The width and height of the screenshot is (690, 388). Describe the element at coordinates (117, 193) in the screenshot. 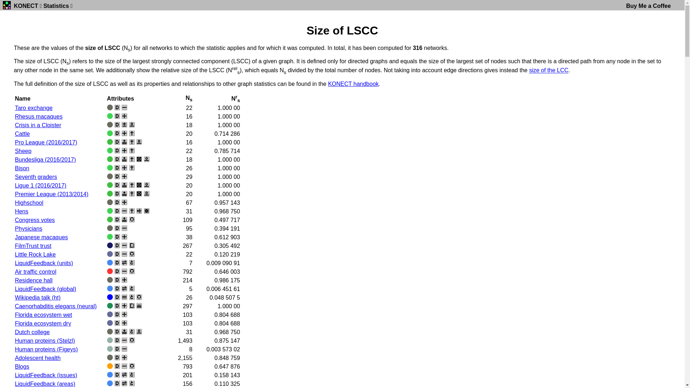

I see `'Unipartite, directed'` at that location.